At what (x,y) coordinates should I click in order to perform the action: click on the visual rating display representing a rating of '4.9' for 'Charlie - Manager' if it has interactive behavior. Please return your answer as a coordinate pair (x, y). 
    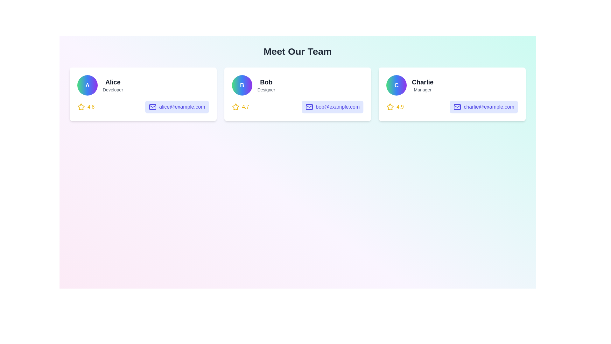
    Looking at the image, I should click on (395, 106).